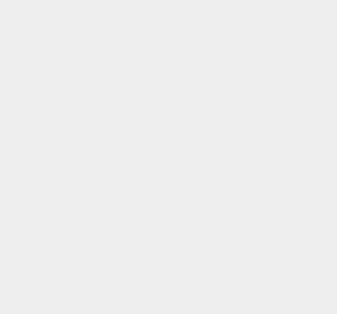 This screenshot has width=337, height=314. Describe the element at coordinates (245, 272) in the screenshot. I see `'Security'` at that location.